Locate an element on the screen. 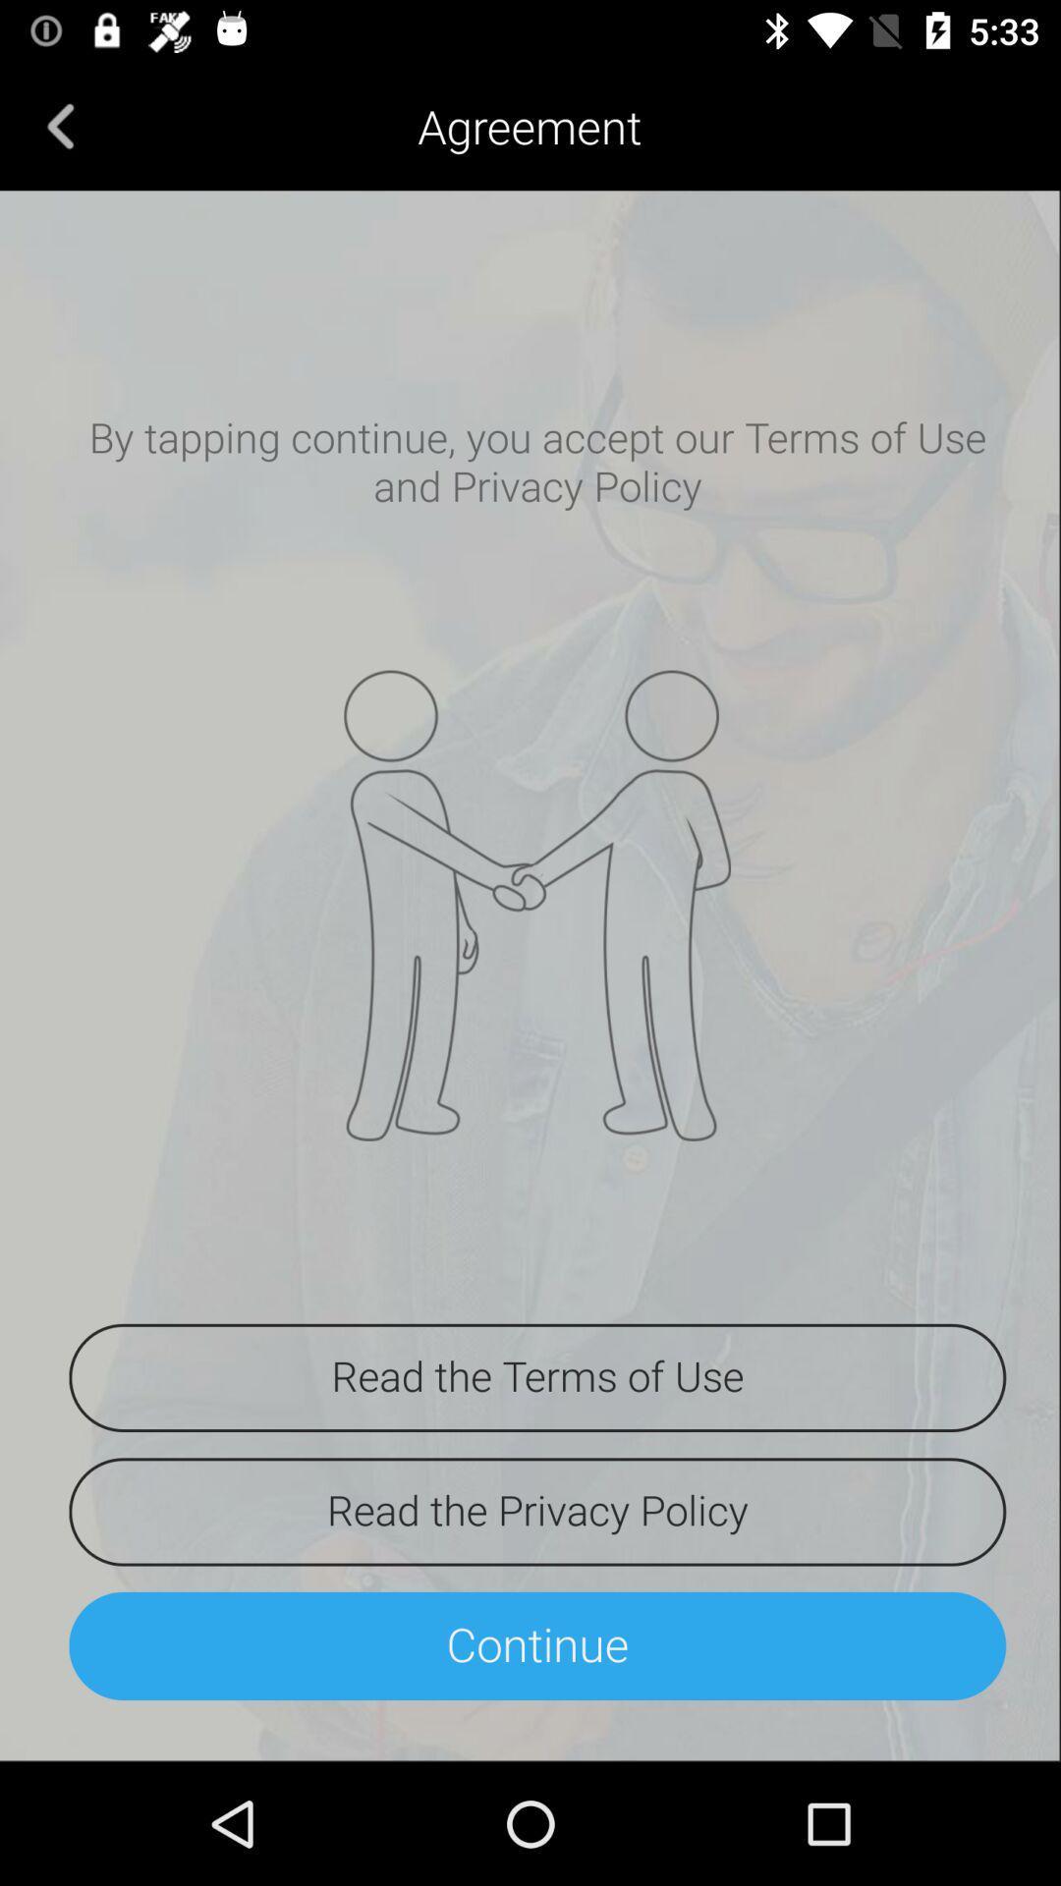  item at the top left corner is located at coordinates (60, 125).